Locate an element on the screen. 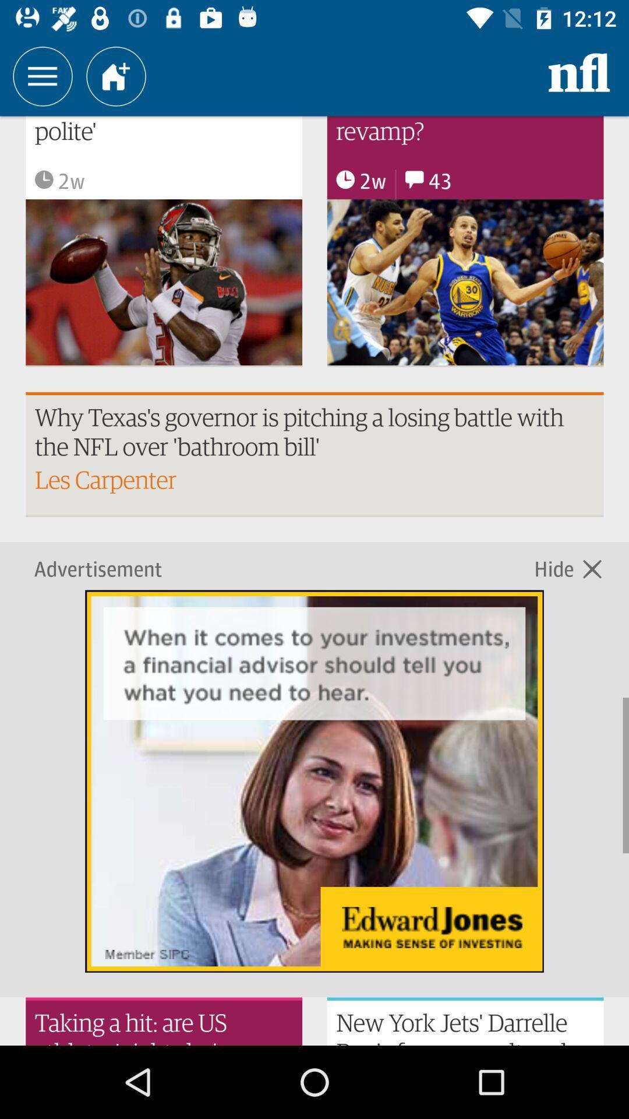 The image size is (629, 1119). the option which shows les carpenter is located at coordinates (314, 453).